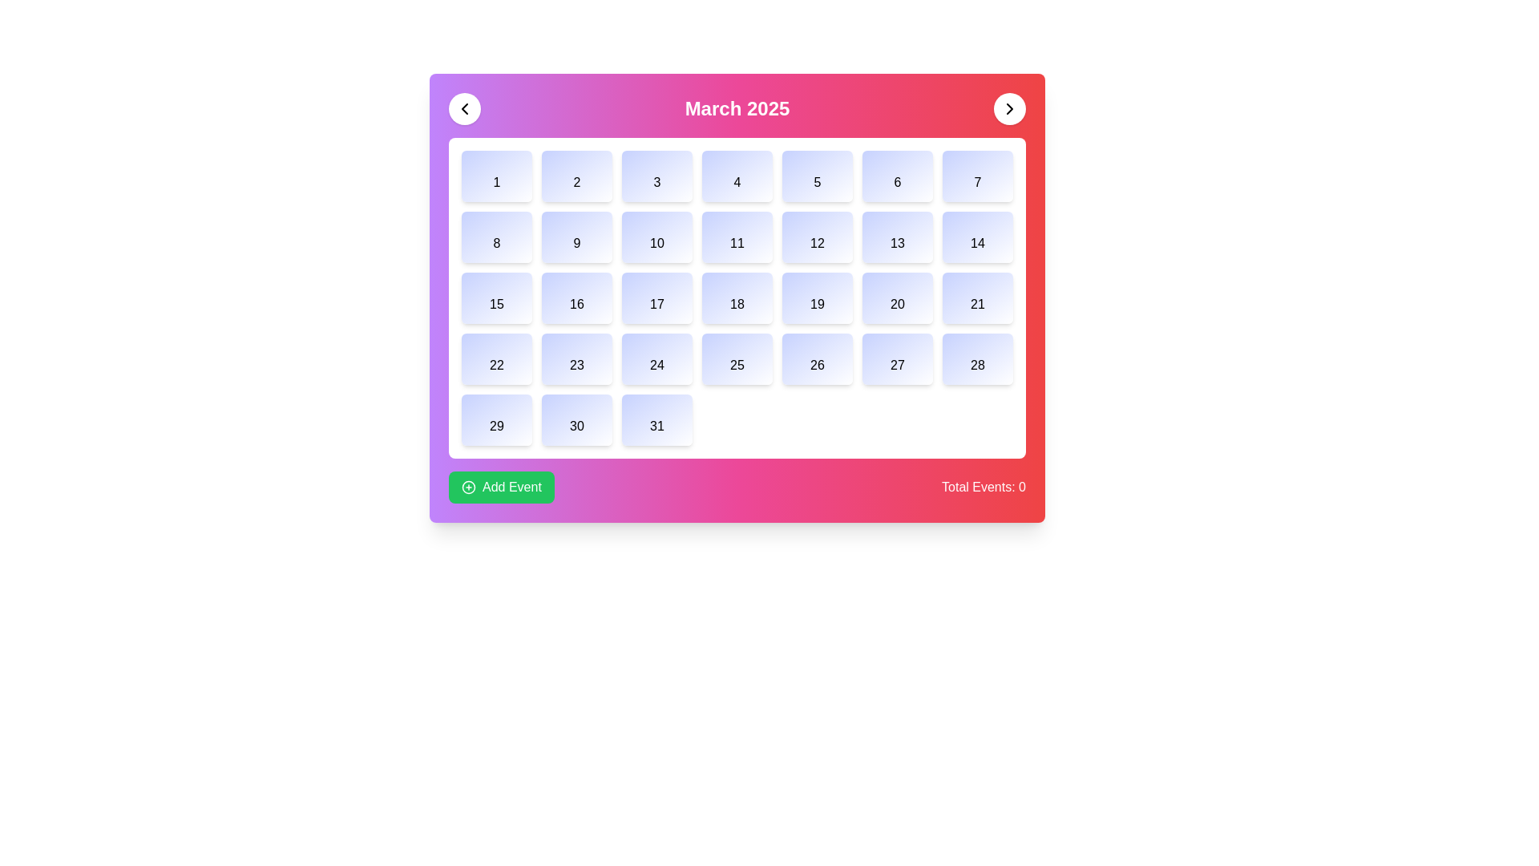 The height and width of the screenshot is (866, 1539). I want to click on the square button with a gradient background transitioning from light indigo to white, featuring the centered number '21' in bold text, so click(976, 297).